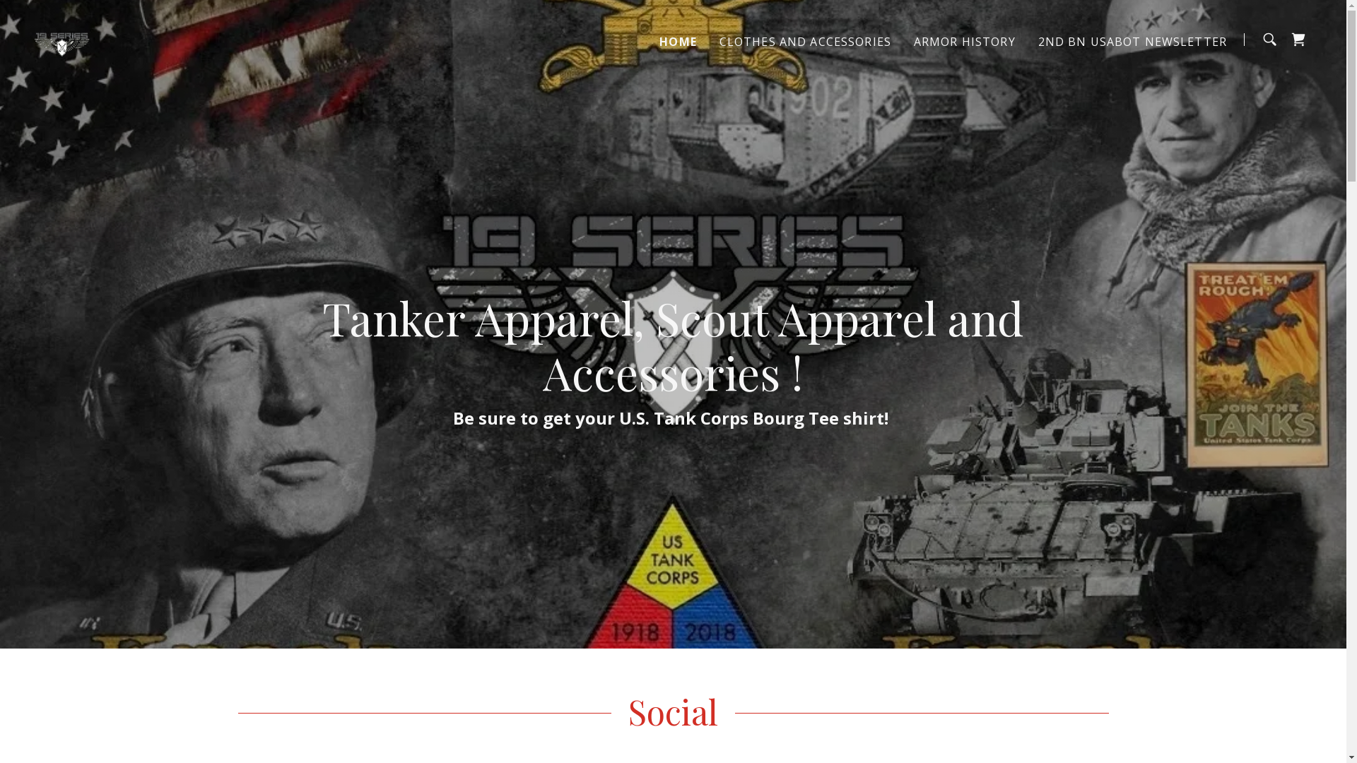  What do you see at coordinates (715, 40) in the screenshot?
I see `'CLOTHES AND ACCESSORIES'` at bounding box center [715, 40].